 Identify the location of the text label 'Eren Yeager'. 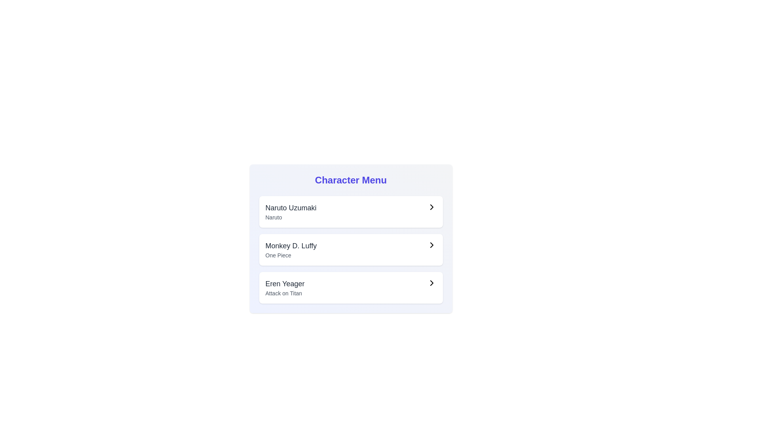
(285, 283).